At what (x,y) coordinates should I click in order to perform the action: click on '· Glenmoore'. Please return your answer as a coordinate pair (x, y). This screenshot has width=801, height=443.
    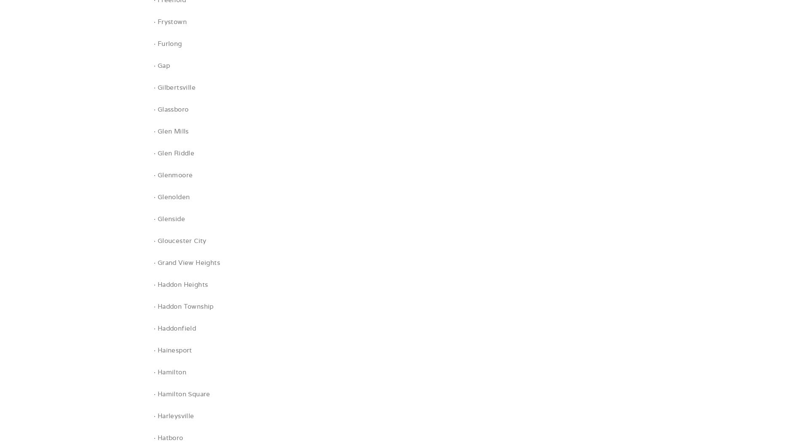
    Looking at the image, I should click on (172, 174).